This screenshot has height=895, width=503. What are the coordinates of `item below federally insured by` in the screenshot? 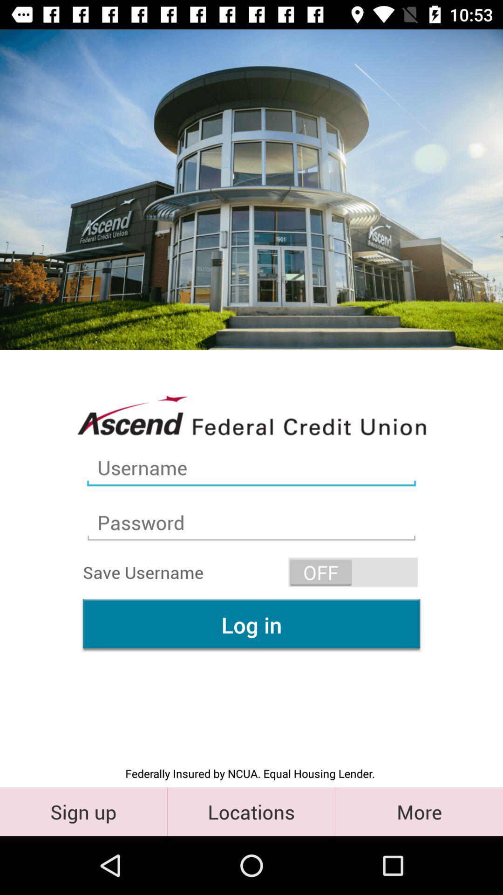 It's located at (251, 811).